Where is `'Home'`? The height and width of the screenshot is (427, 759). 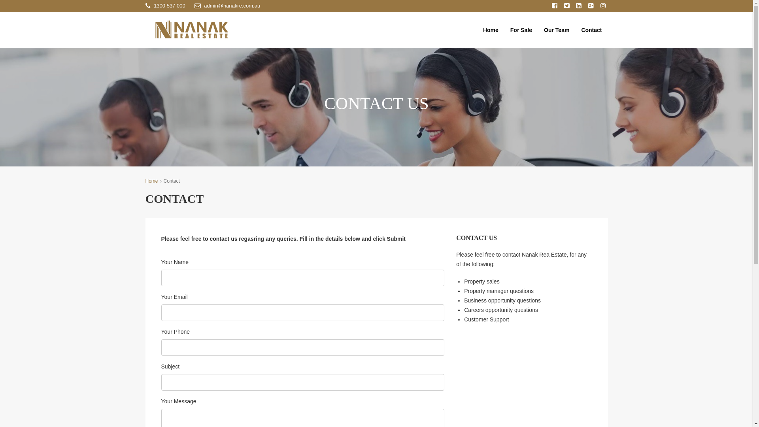
'Home' is located at coordinates (152, 181).